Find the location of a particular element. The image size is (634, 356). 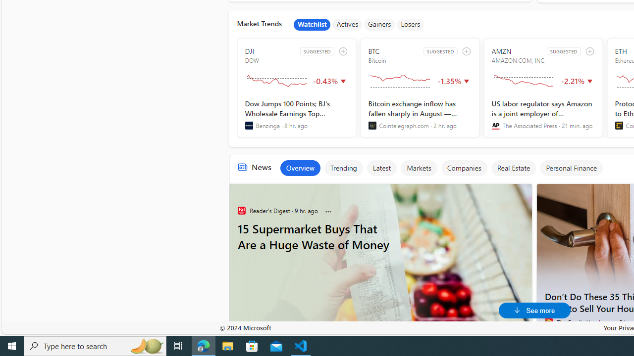

'Companies' is located at coordinates (463, 167).